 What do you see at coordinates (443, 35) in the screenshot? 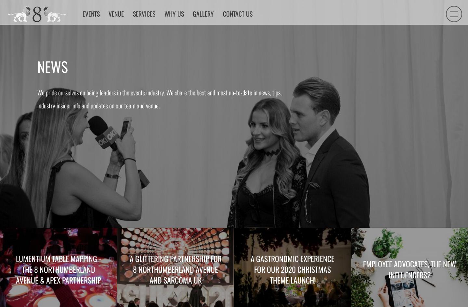
I see `'menu'` at bounding box center [443, 35].